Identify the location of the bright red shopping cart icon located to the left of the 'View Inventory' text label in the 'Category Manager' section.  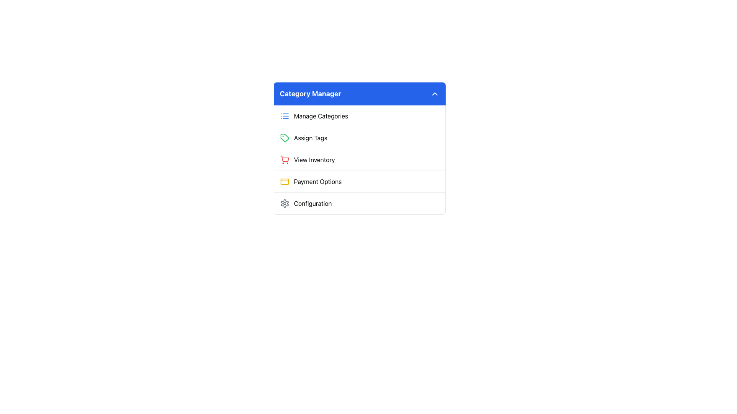
(284, 158).